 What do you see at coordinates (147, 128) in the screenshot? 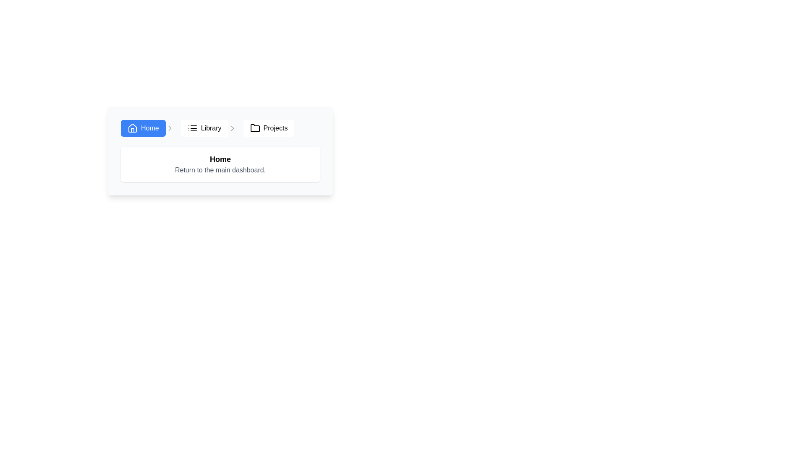
I see `the 'Home' navigation button in the breadcrumb navigation bar` at bounding box center [147, 128].